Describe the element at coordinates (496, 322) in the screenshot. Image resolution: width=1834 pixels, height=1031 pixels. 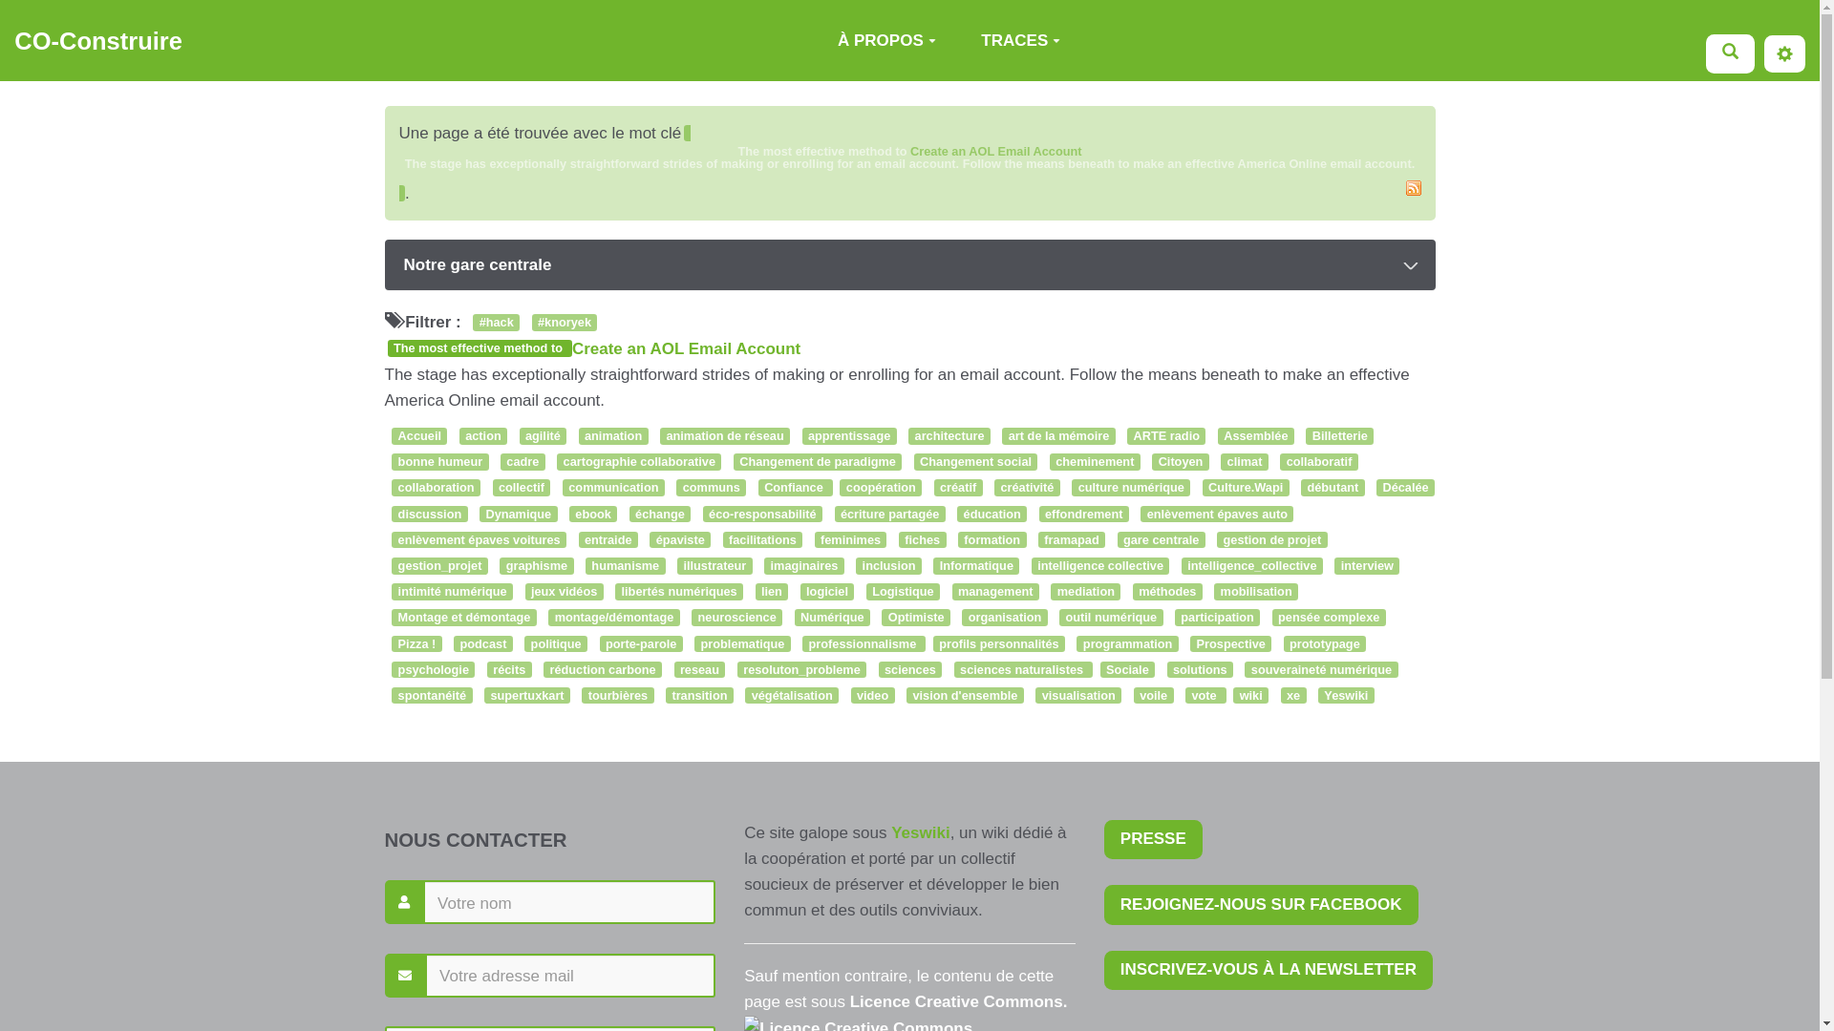
I see `'#hack'` at that location.